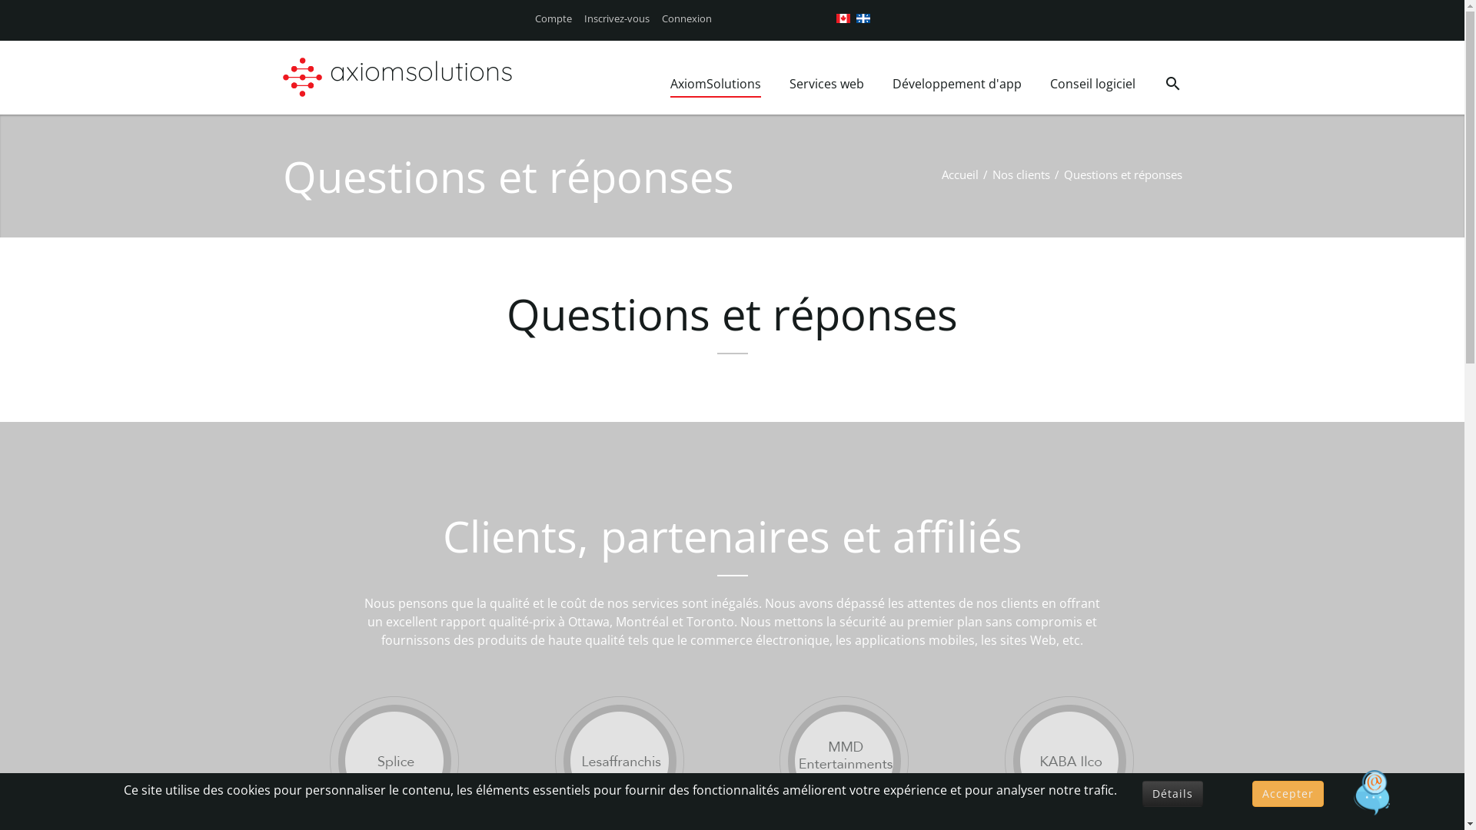 This screenshot has height=830, width=1476. What do you see at coordinates (327, 76) in the screenshot?
I see `'axiomsolutions'` at bounding box center [327, 76].